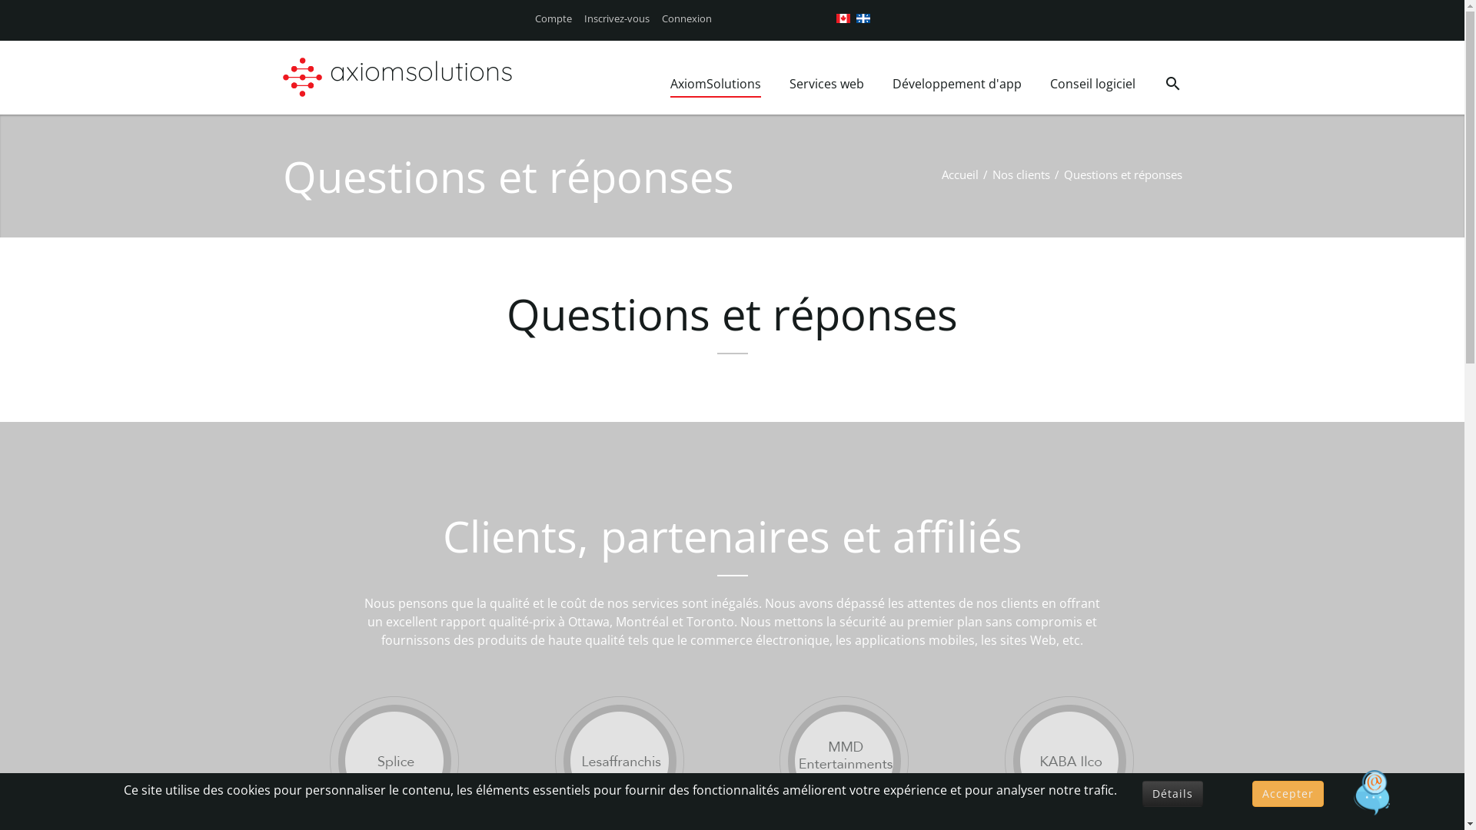 This screenshot has height=830, width=1476. What do you see at coordinates (327, 76) in the screenshot?
I see `'axiomsolutions'` at bounding box center [327, 76].